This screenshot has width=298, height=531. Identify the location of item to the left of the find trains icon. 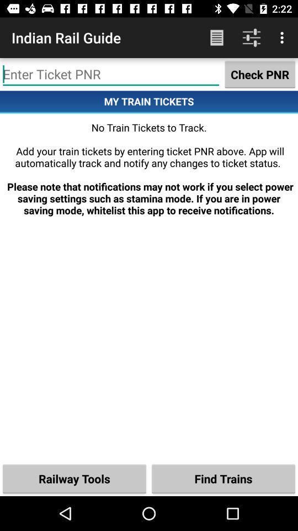
(74, 478).